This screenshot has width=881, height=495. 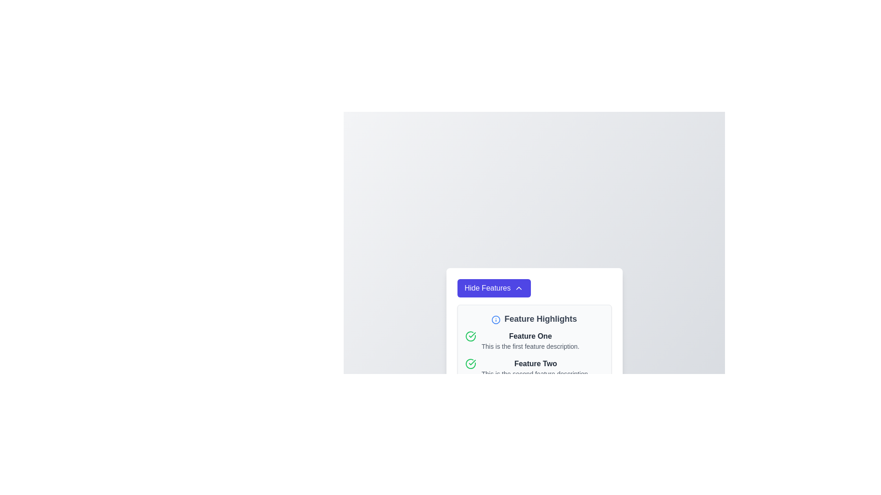 I want to click on the 'Feature Two' text label, which displays in a bold dark gray font on a light background, located in the second position under the 'Feature Highlights' list, so click(x=535, y=363).